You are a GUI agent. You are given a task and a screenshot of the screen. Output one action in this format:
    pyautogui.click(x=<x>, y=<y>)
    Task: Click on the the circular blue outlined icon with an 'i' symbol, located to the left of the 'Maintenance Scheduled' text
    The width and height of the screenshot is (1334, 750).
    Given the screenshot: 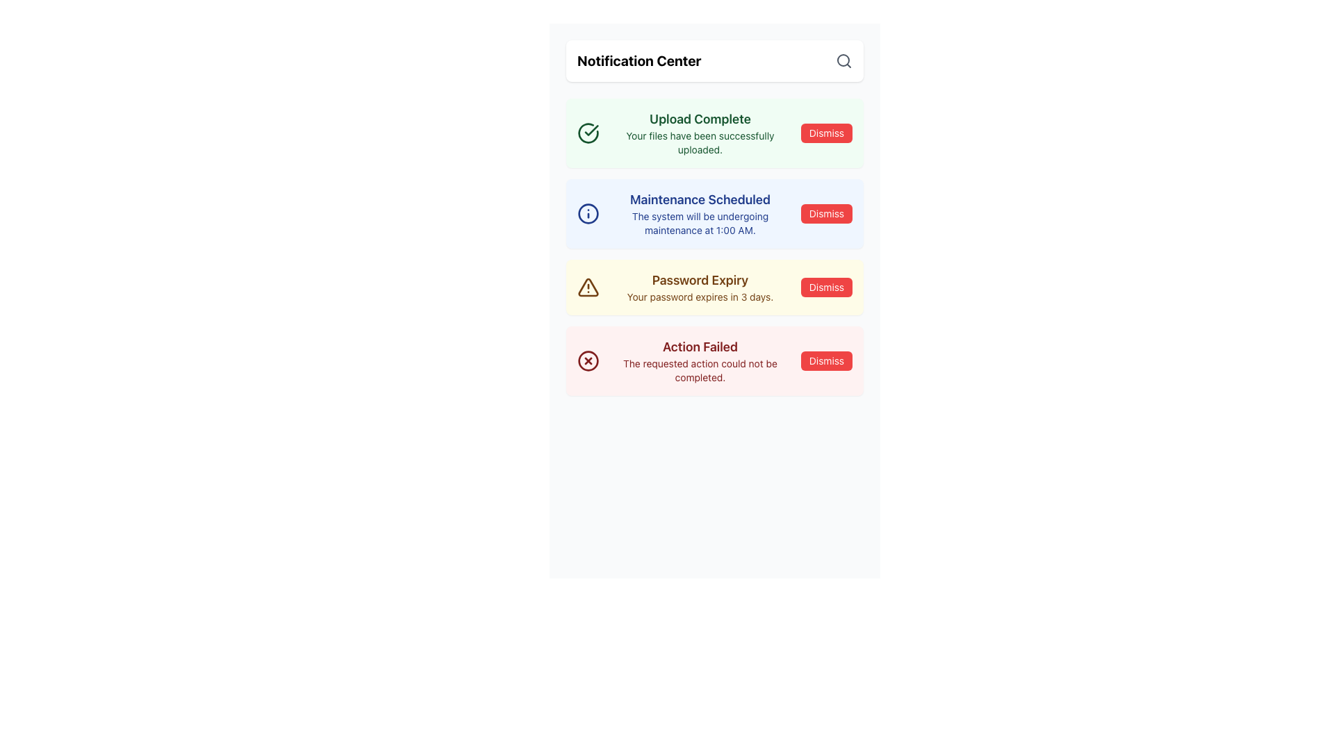 What is the action you would take?
    pyautogui.click(x=588, y=214)
    